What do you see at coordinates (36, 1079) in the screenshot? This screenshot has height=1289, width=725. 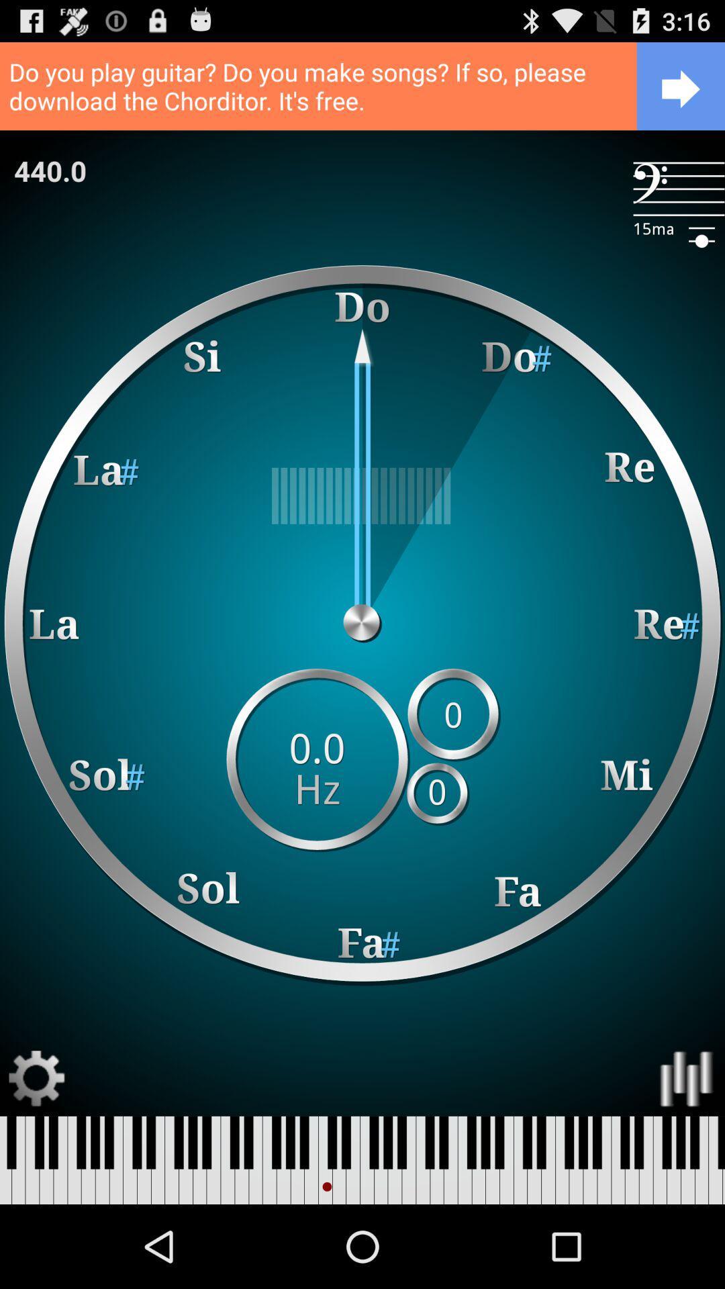 I see `adjust settings` at bounding box center [36, 1079].